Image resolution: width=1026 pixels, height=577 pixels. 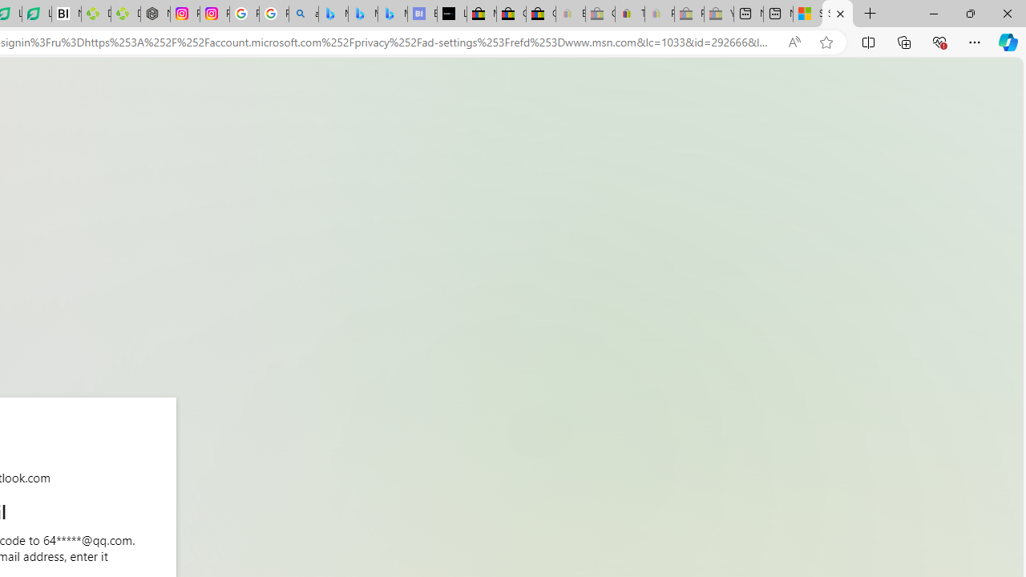 I want to click on 'Payments Terms of Use | eBay.com - Sleeping', so click(x=660, y=14).